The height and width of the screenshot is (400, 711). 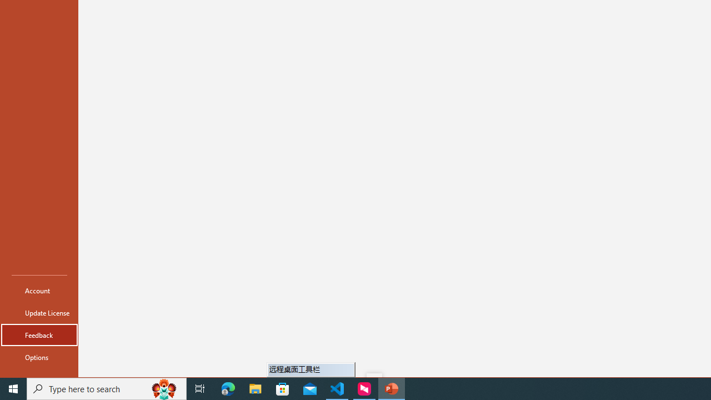 I want to click on 'Start', so click(x=13, y=388).